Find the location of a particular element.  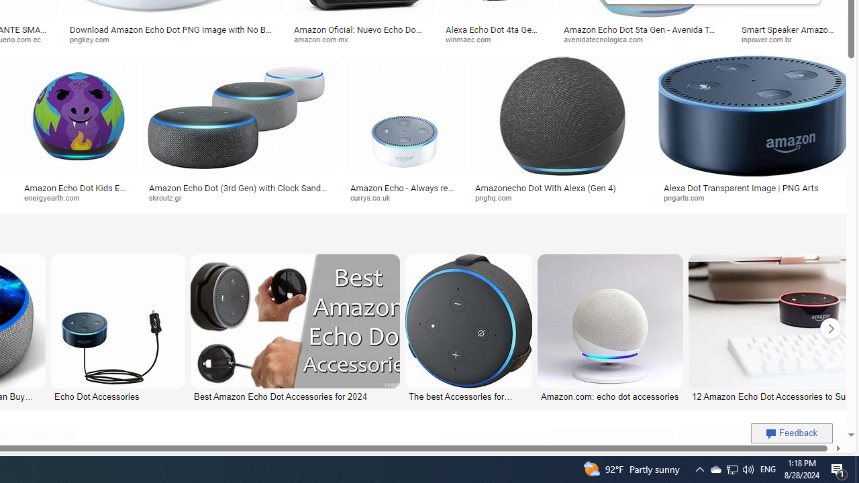

'Alexa Dot Transparent Image | PNG Artspngarts.comSave' is located at coordinates (754, 131).